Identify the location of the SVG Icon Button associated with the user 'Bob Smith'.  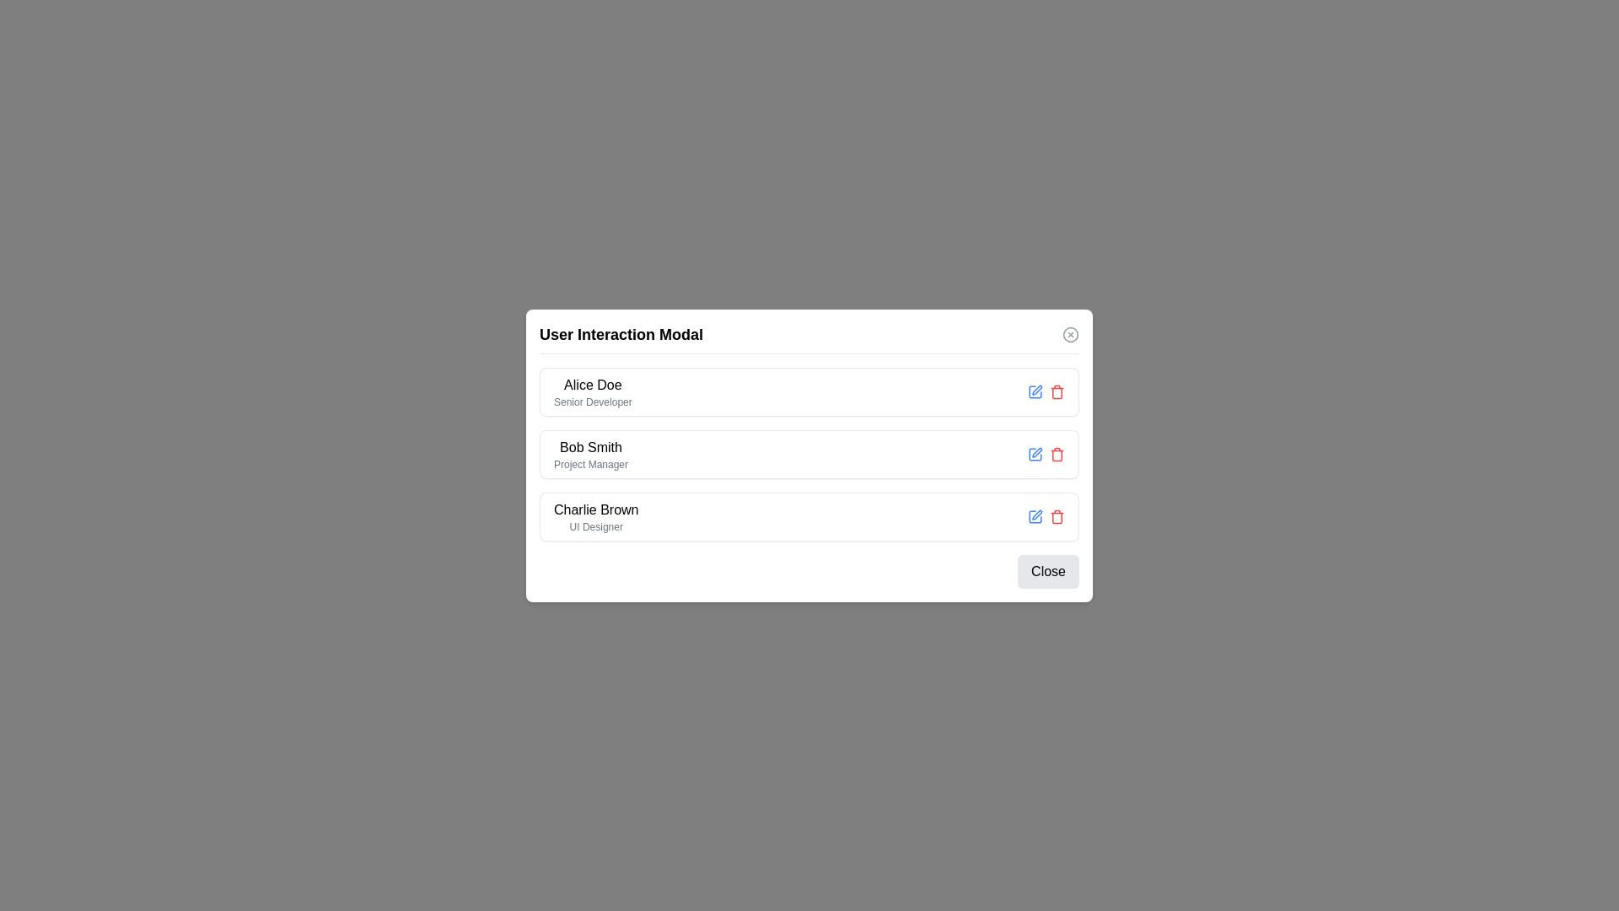
(1035, 452).